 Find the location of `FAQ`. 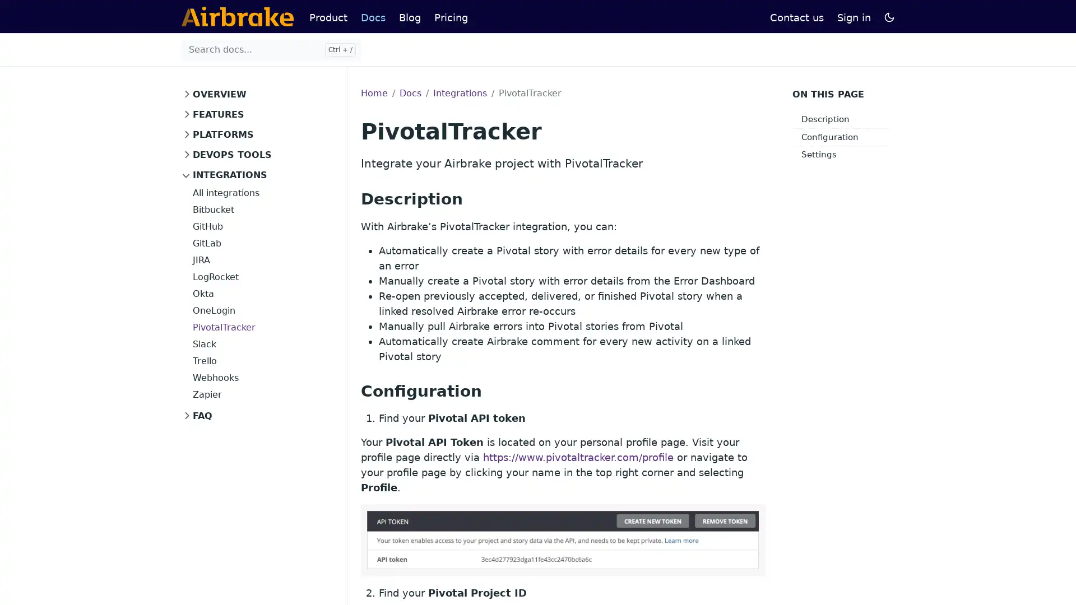

FAQ is located at coordinates (199, 416).